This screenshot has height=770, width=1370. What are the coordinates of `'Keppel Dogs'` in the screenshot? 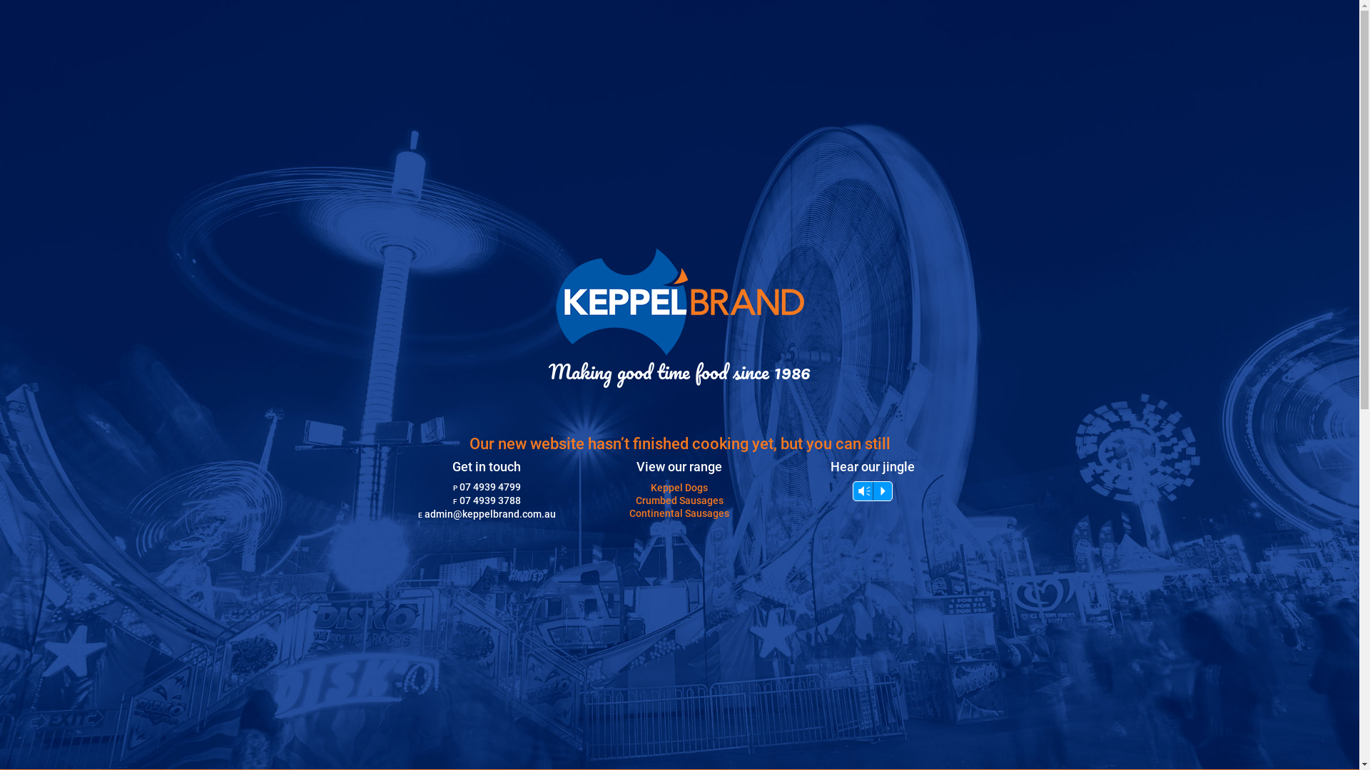 It's located at (678, 486).